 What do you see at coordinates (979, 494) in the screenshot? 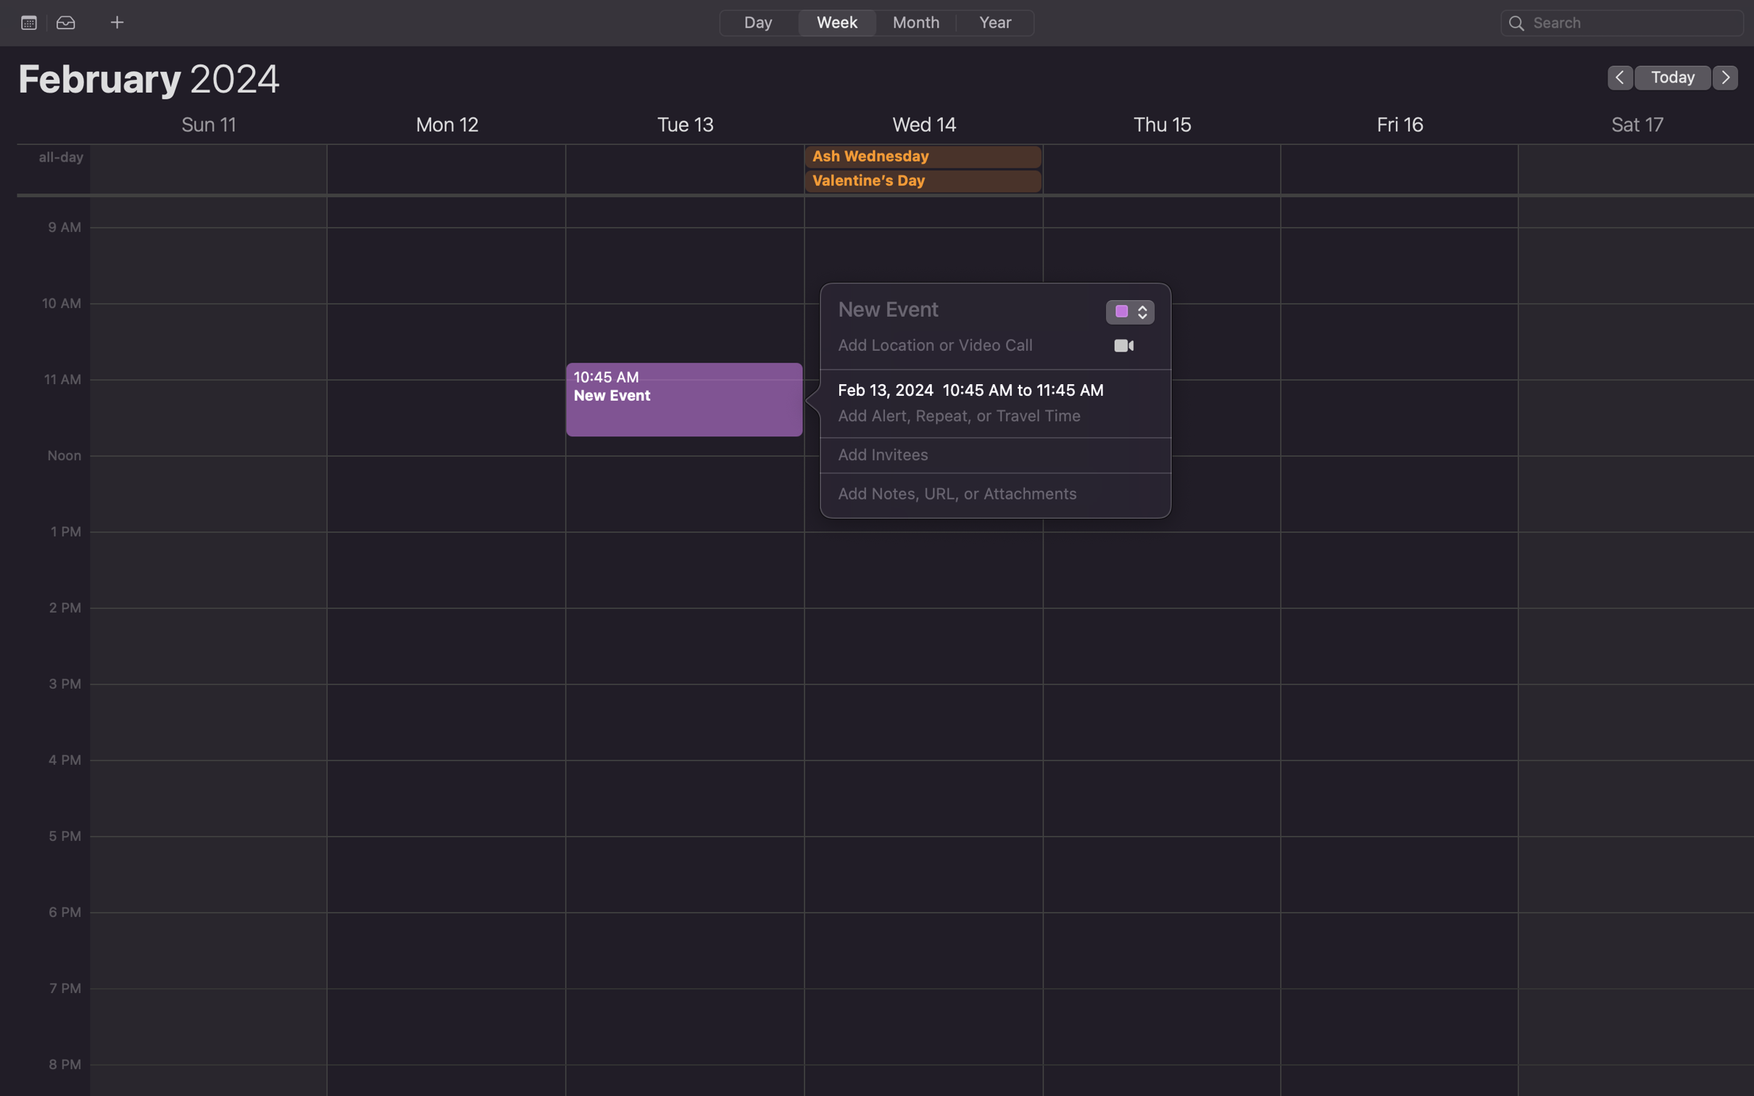
I see `Insert the statement "Please RSVP by Friday" in the notes section` at bounding box center [979, 494].